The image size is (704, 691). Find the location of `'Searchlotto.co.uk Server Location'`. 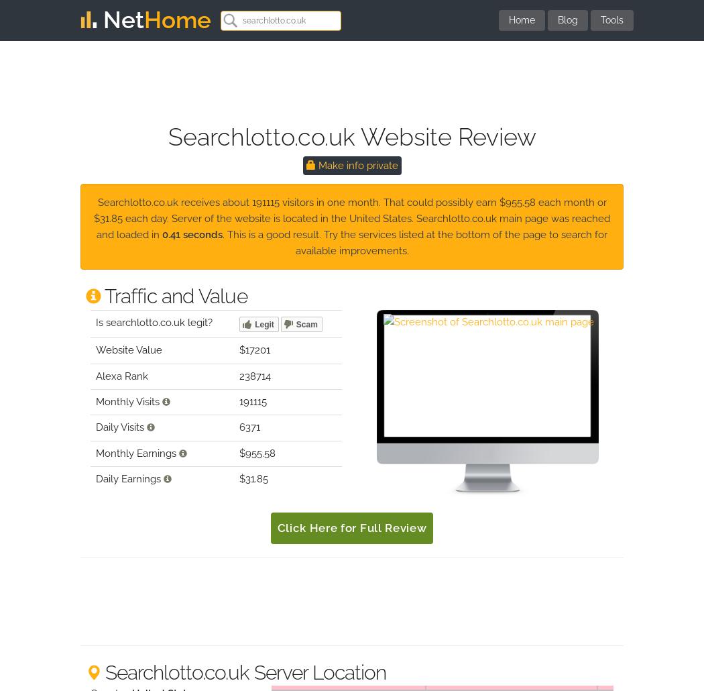

'Searchlotto.co.uk Server Location' is located at coordinates (242, 671).